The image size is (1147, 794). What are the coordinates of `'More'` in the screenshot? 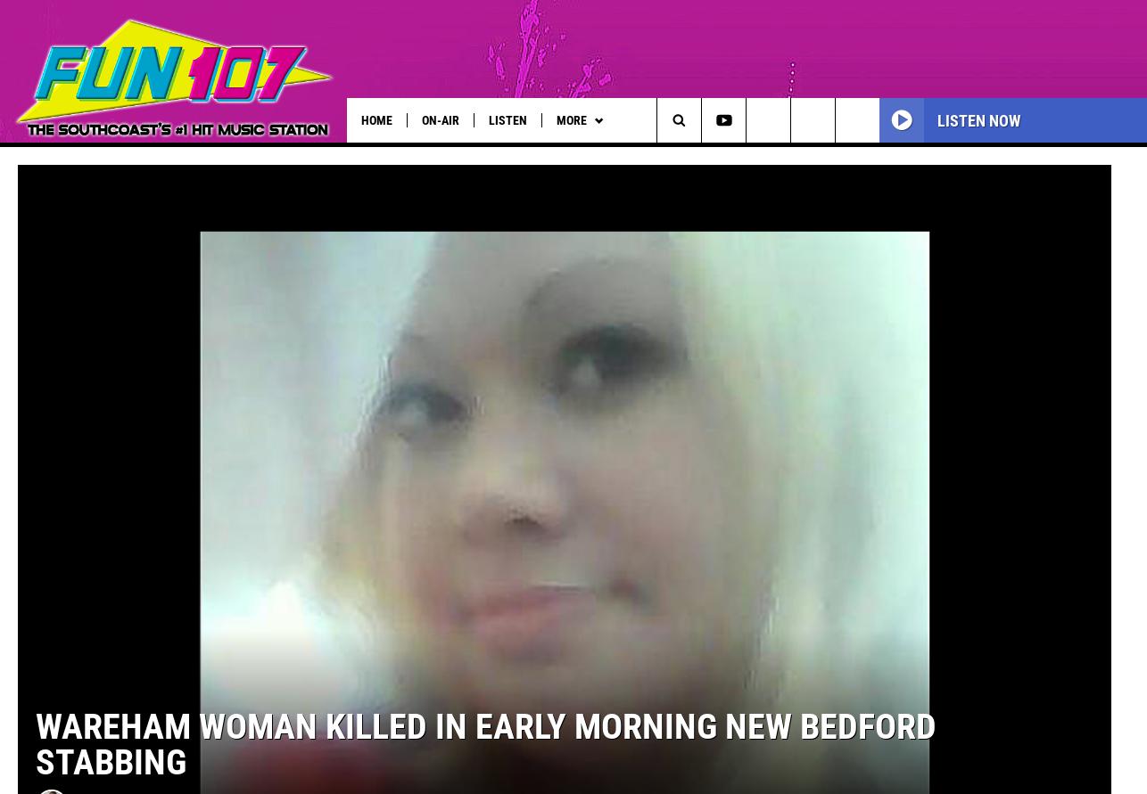 It's located at (554, 119).